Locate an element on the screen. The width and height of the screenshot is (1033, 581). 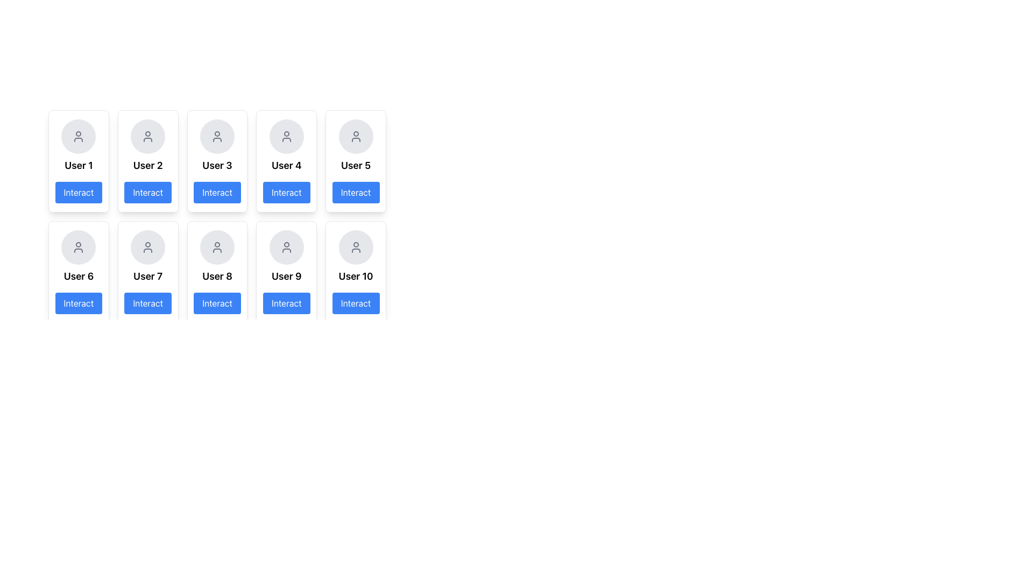
the Interactive Card with User Details labeled 'User 1', which is the first card in the grid layout located at the top-left corner is located at coordinates (78, 161).